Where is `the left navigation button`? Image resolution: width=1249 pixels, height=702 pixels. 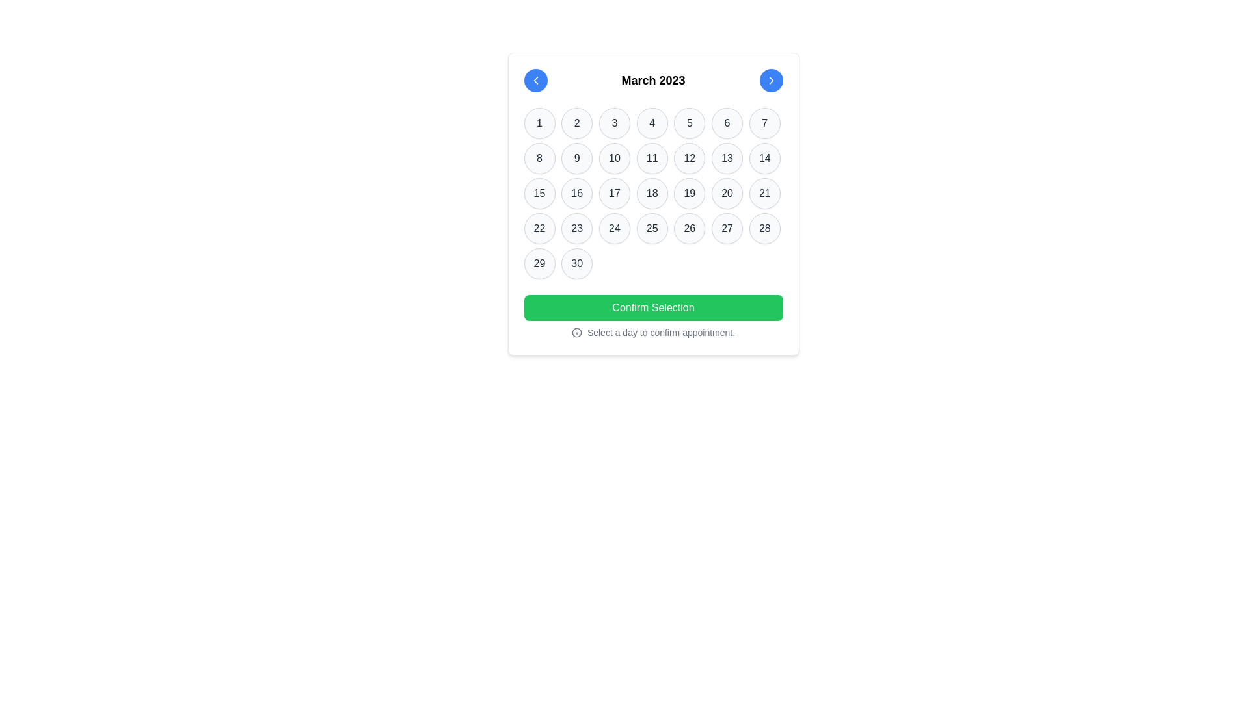
the left navigation button is located at coordinates (535, 80).